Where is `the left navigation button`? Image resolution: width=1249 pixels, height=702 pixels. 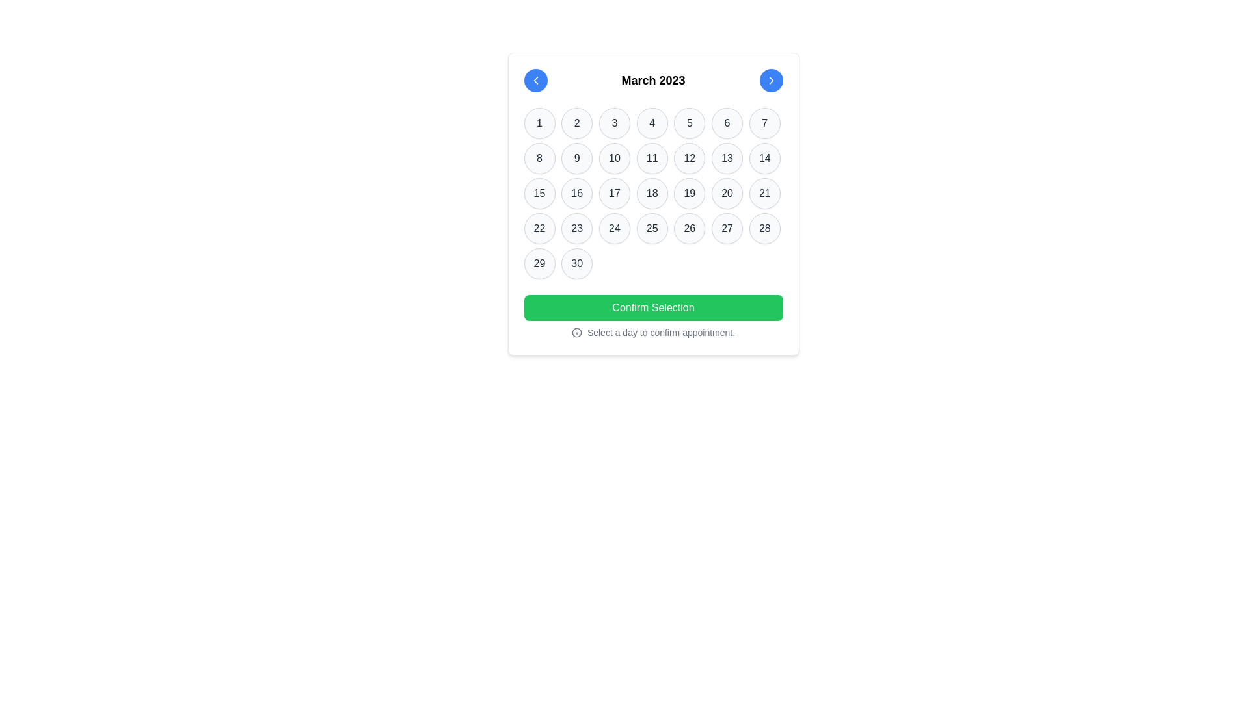
the left navigation button is located at coordinates (535, 80).